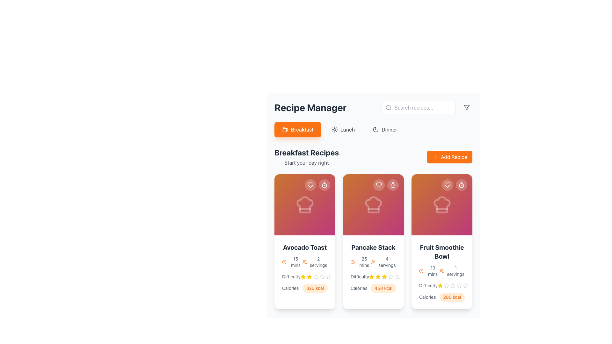  I want to click on the Text and Icon Pair indicating the number of servings for the associated recipe, located below the header image of the Avocado Toast card in the Breakfast Recipes section, so click(315, 262).